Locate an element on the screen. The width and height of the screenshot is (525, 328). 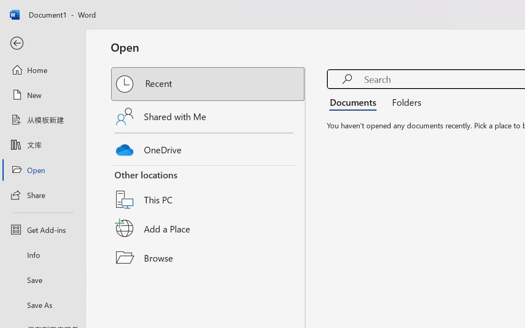
'Get Add-ins' is located at coordinates (42, 230).